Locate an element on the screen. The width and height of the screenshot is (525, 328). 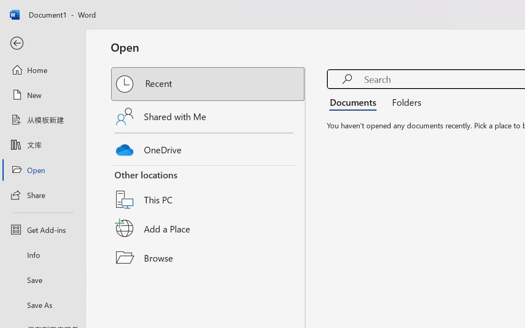
'Get Add-ins' is located at coordinates (42, 230).